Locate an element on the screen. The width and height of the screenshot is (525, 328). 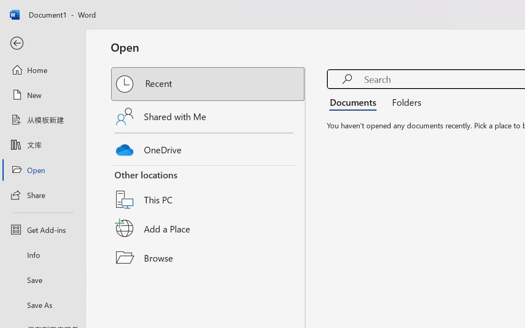
'Get Add-ins' is located at coordinates (42, 230).